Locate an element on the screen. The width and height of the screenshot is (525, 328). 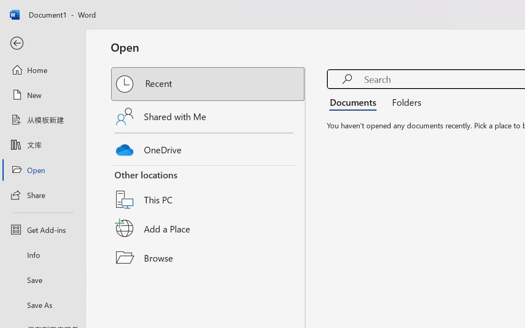
'Get Add-ins' is located at coordinates (42, 230).